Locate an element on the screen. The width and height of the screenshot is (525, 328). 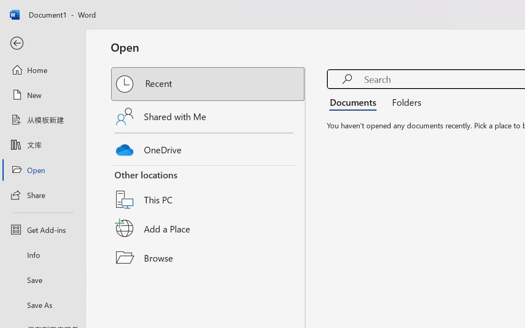
'Get Add-ins' is located at coordinates (42, 230).